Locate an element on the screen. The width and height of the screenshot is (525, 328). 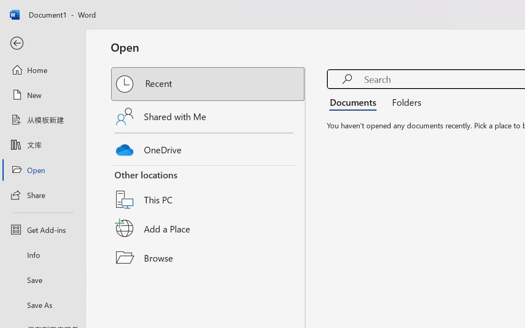
'Get Add-ins' is located at coordinates (42, 230).